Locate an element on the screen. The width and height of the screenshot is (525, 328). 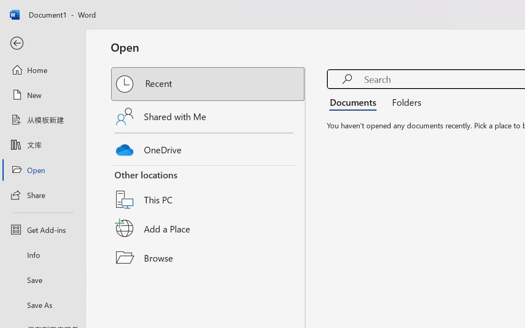
'Get Add-ins' is located at coordinates (42, 230).